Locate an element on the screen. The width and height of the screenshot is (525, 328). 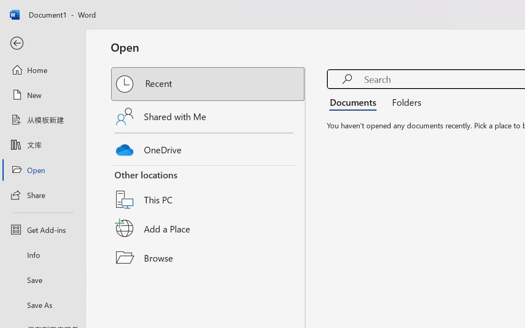
'Get Add-ins' is located at coordinates (42, 230).